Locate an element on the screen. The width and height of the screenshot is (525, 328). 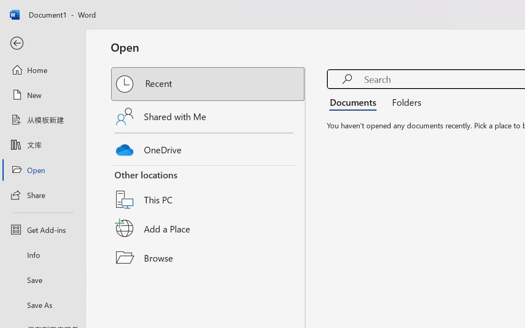
'Get Add-ins' is located at coordinates (42, 230).